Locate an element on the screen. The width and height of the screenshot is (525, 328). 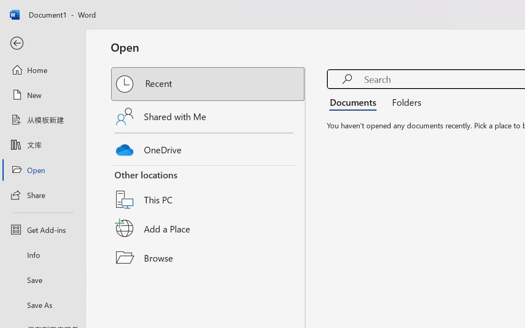
'Get Add-ins' is located at coordinates (42, 230).